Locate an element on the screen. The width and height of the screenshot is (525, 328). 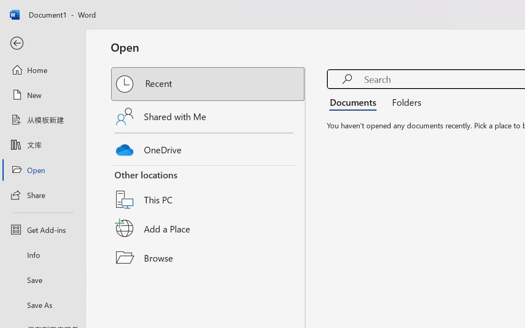
'Get Add-ins' is located at coordinates (42, 230).